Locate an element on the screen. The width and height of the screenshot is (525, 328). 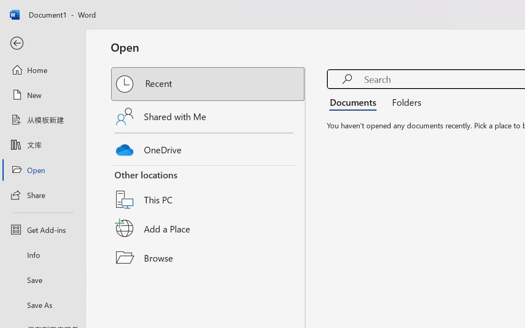
'Get Add-ins' is located at coordinates (42, 230).